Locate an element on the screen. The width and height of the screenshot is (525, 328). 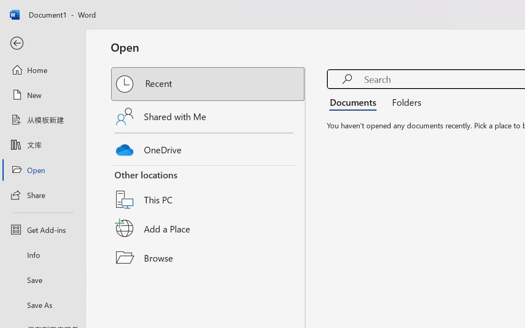
'Get Add-ins' is located at coordinates (42, 230).